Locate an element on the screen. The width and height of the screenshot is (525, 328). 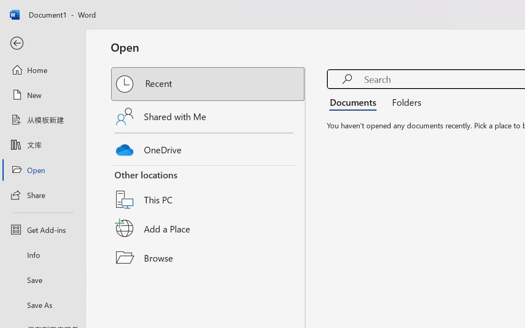
'Get Add-ins' is located at coordinates (42, 230).